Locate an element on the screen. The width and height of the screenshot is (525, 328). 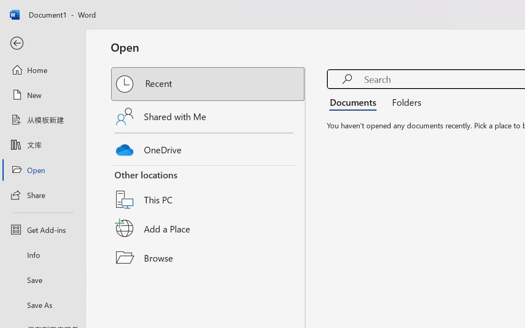
'Get Add-ins' is located at coordinates (42, 230).